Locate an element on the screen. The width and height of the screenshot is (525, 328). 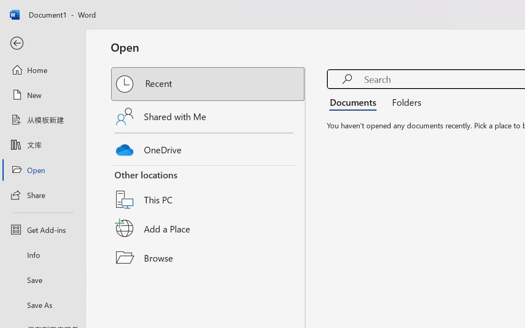
'Get Add-ins' is located at coordinates (42, 230).